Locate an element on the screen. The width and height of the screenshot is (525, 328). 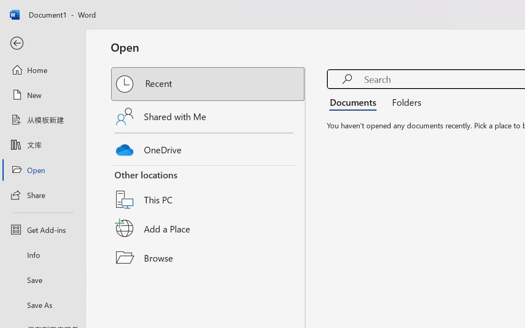
'Get Add-ins' is located at coordinates (42, 230).